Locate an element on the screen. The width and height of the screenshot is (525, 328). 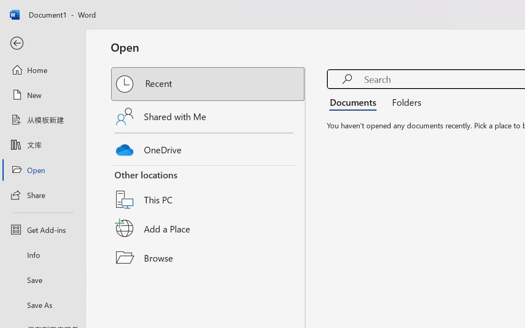
'Get Add-ins' is located at coordinates (42, 230).